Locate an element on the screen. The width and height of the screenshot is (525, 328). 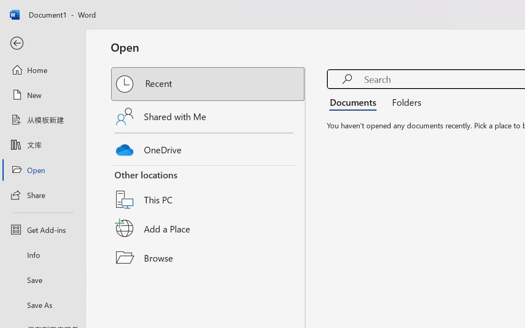
'Get Add-ins' is located at coordinates (42, 230).